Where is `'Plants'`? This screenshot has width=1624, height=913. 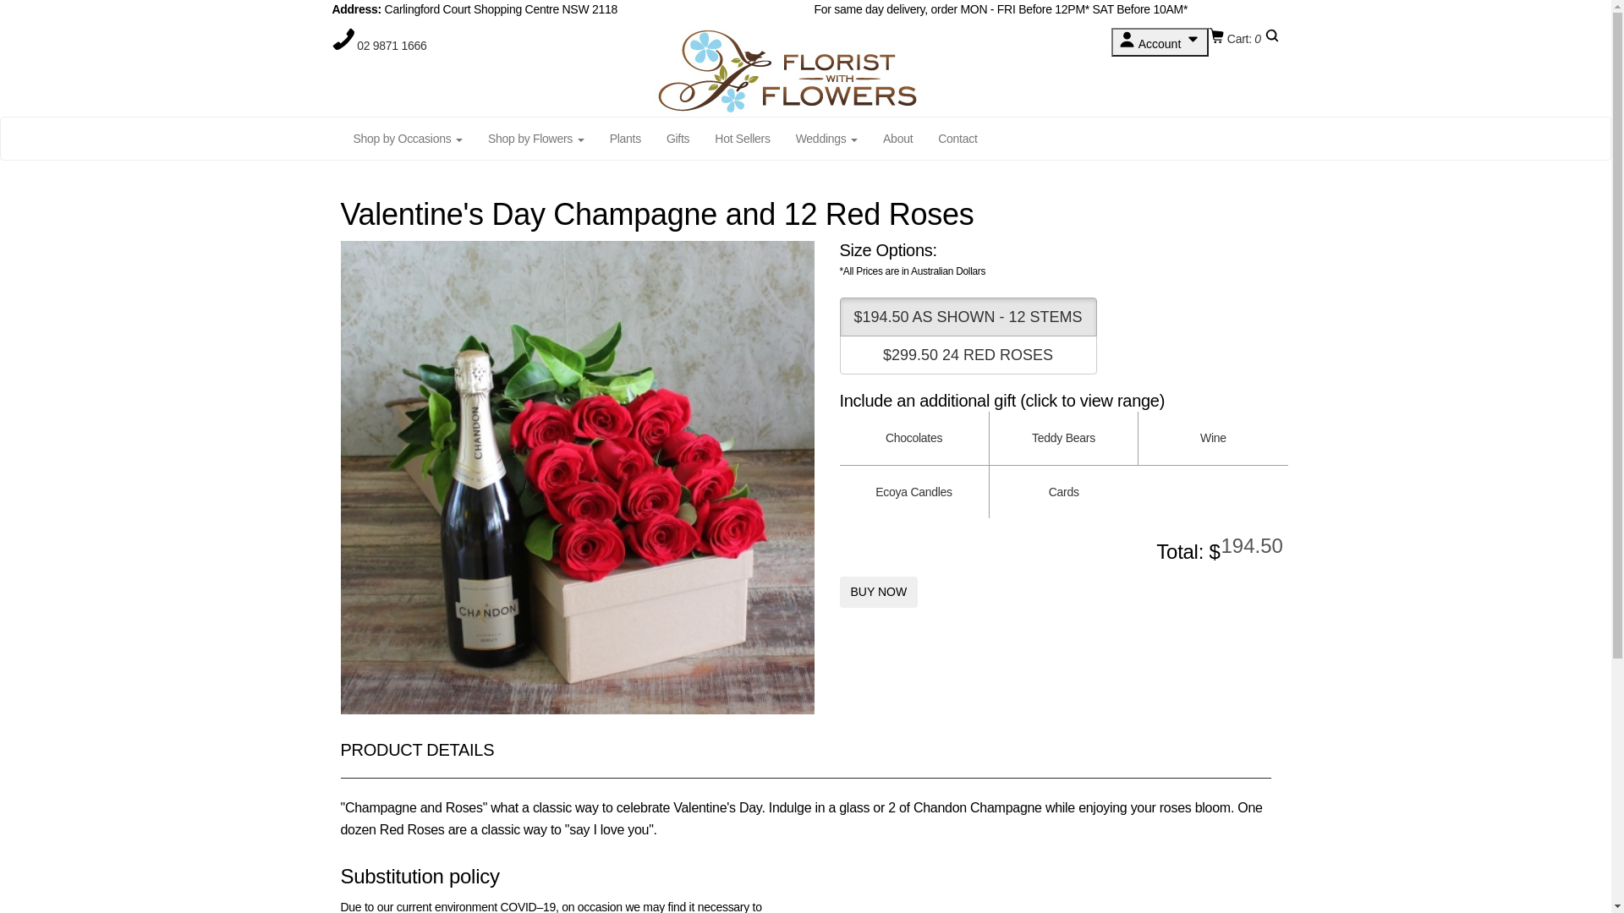 'Plants' is located at coordinates (624, 138).